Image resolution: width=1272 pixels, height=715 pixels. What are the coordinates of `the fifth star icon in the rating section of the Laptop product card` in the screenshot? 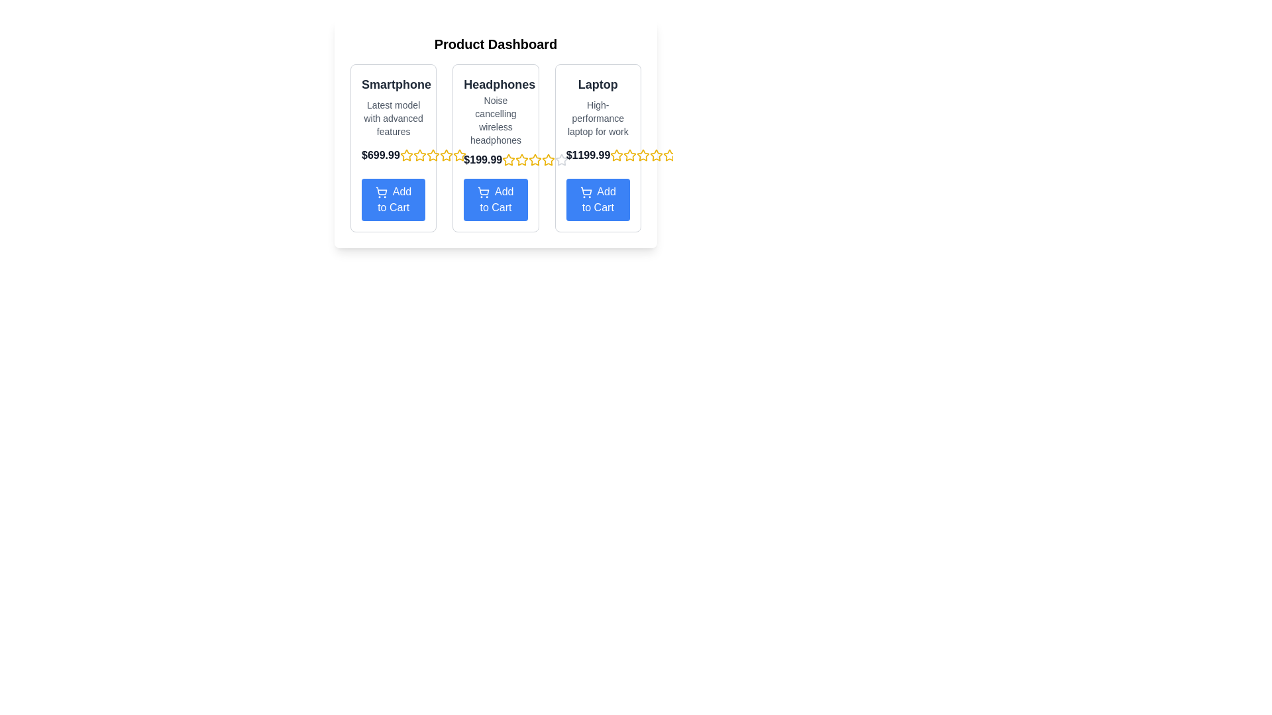 It's located at (657, 155).